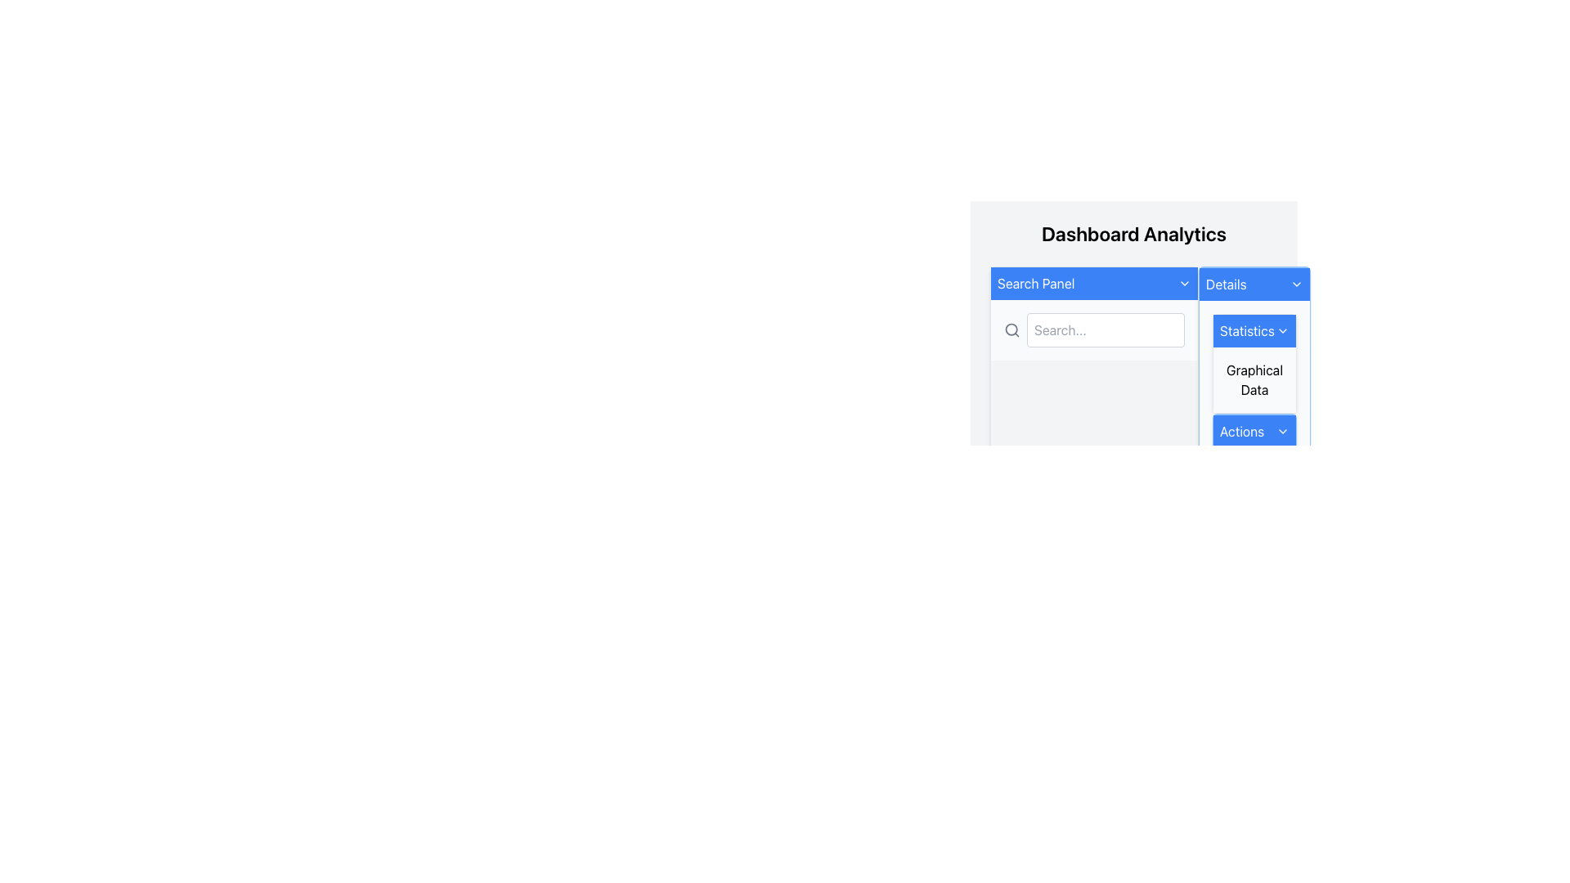 This screenshot has width=1570, height=883. What do you see at coordinates (1282, 431) in the screenshot?
I see `the expandable/collapsible icon located to the right of the 'Actions' label in the blue rectangular button at the bottom of the 'Details' dropdown menu` at bounding box center [1282, 431].